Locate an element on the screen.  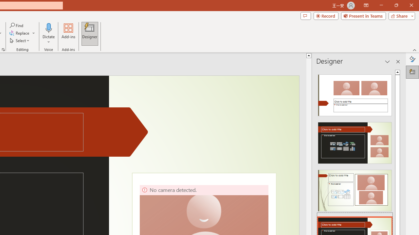
'Replace...' is located at coordinates (20, 33).